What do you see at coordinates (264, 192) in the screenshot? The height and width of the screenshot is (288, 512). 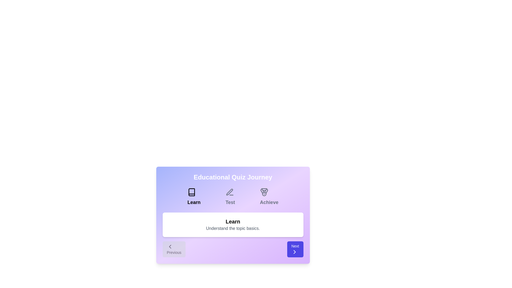 I see `the icon representing the stage Achieve to inspect its details` at bounding box center [264, 192].